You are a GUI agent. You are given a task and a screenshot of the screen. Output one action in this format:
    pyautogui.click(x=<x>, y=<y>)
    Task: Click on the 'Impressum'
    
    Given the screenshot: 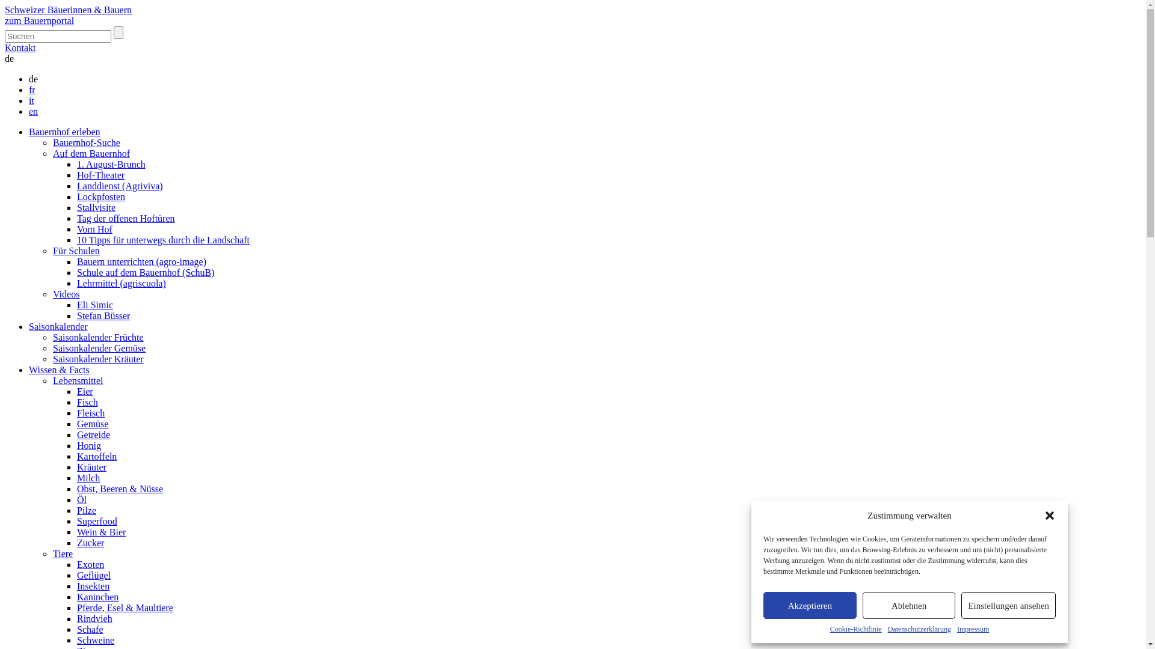 What is the action you would take?
    pyautogui.click(x=956, y=629)
    